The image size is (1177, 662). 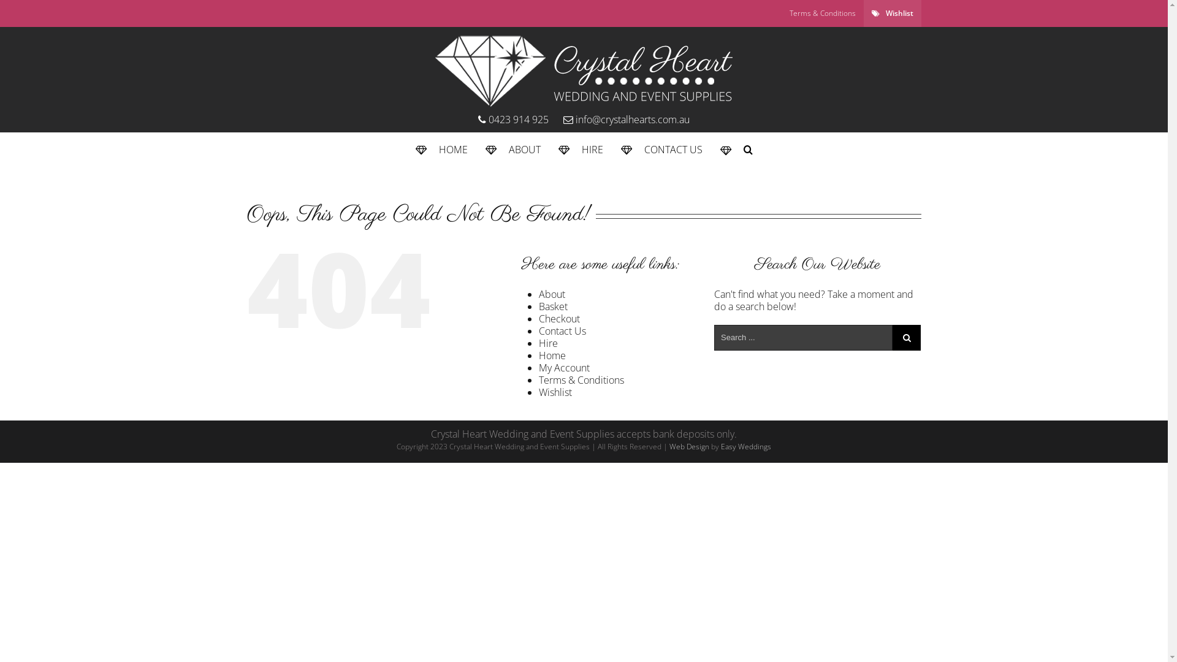 What do you see at coordinates (547, 343) in the screenshot?
I see `'Hire'` at bounding box center [547, 343].